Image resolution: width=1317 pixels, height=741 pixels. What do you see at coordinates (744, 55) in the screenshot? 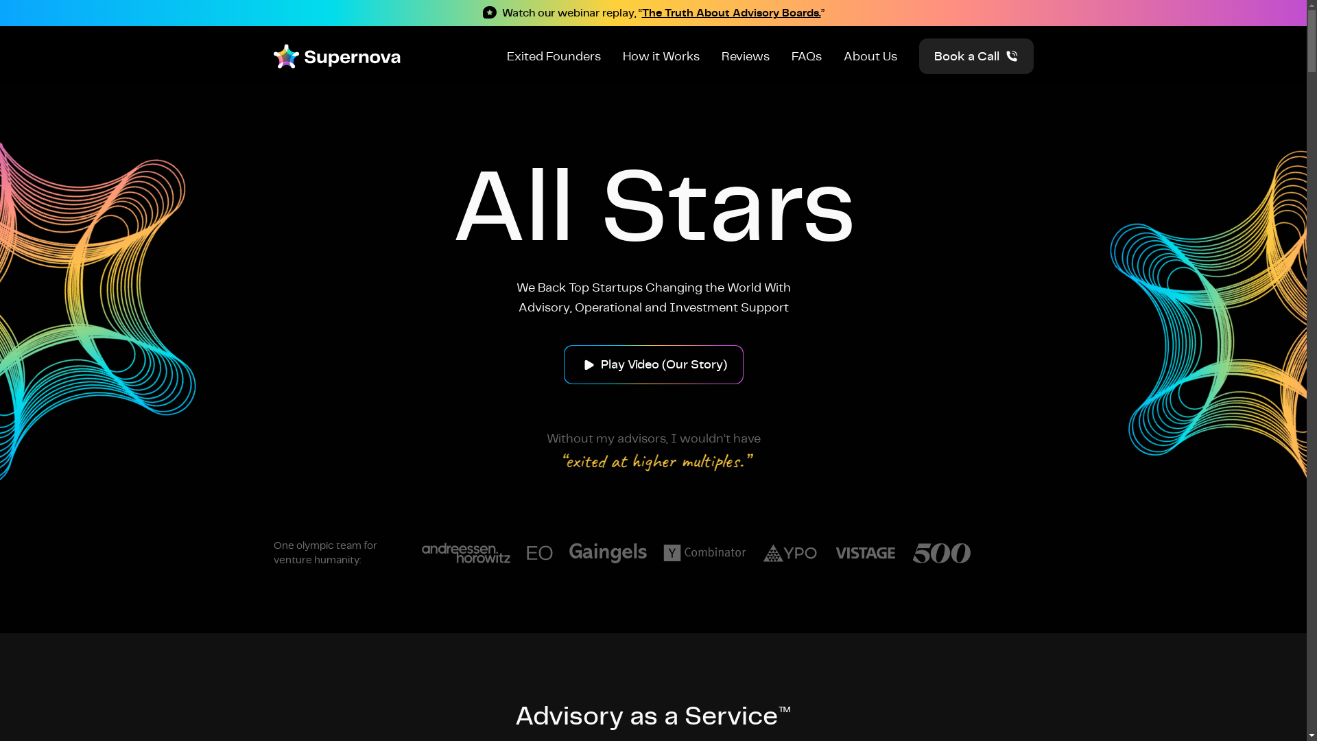
I see `'Reviews'` at bounding box center [744, 55].